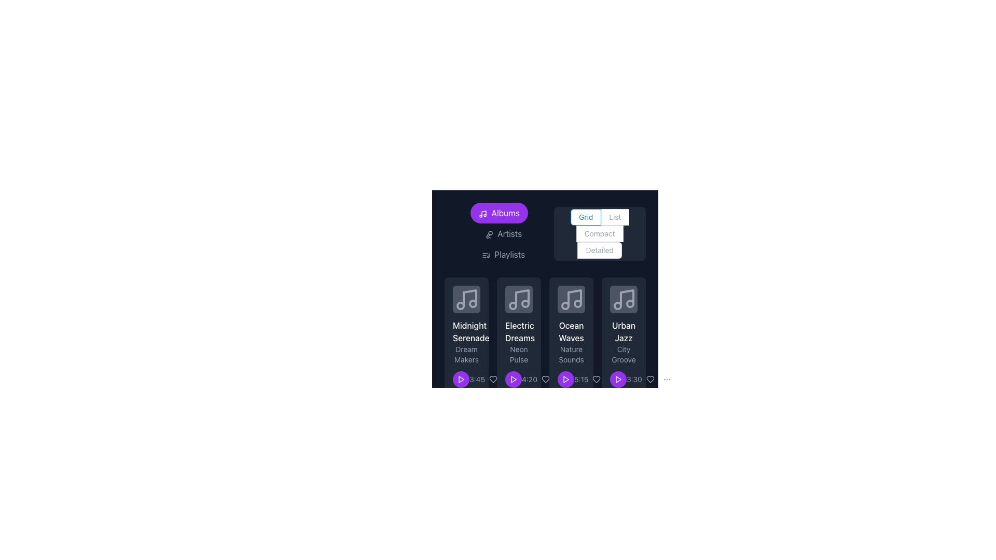 The image size is (996, 560). What do you see at coordinates (525, 303) in the screenshot?
I see `the decorative vector circle element within the music note icon located in the second card of the 'Electric Dreams' album grid` at bounding box center [525, 303].